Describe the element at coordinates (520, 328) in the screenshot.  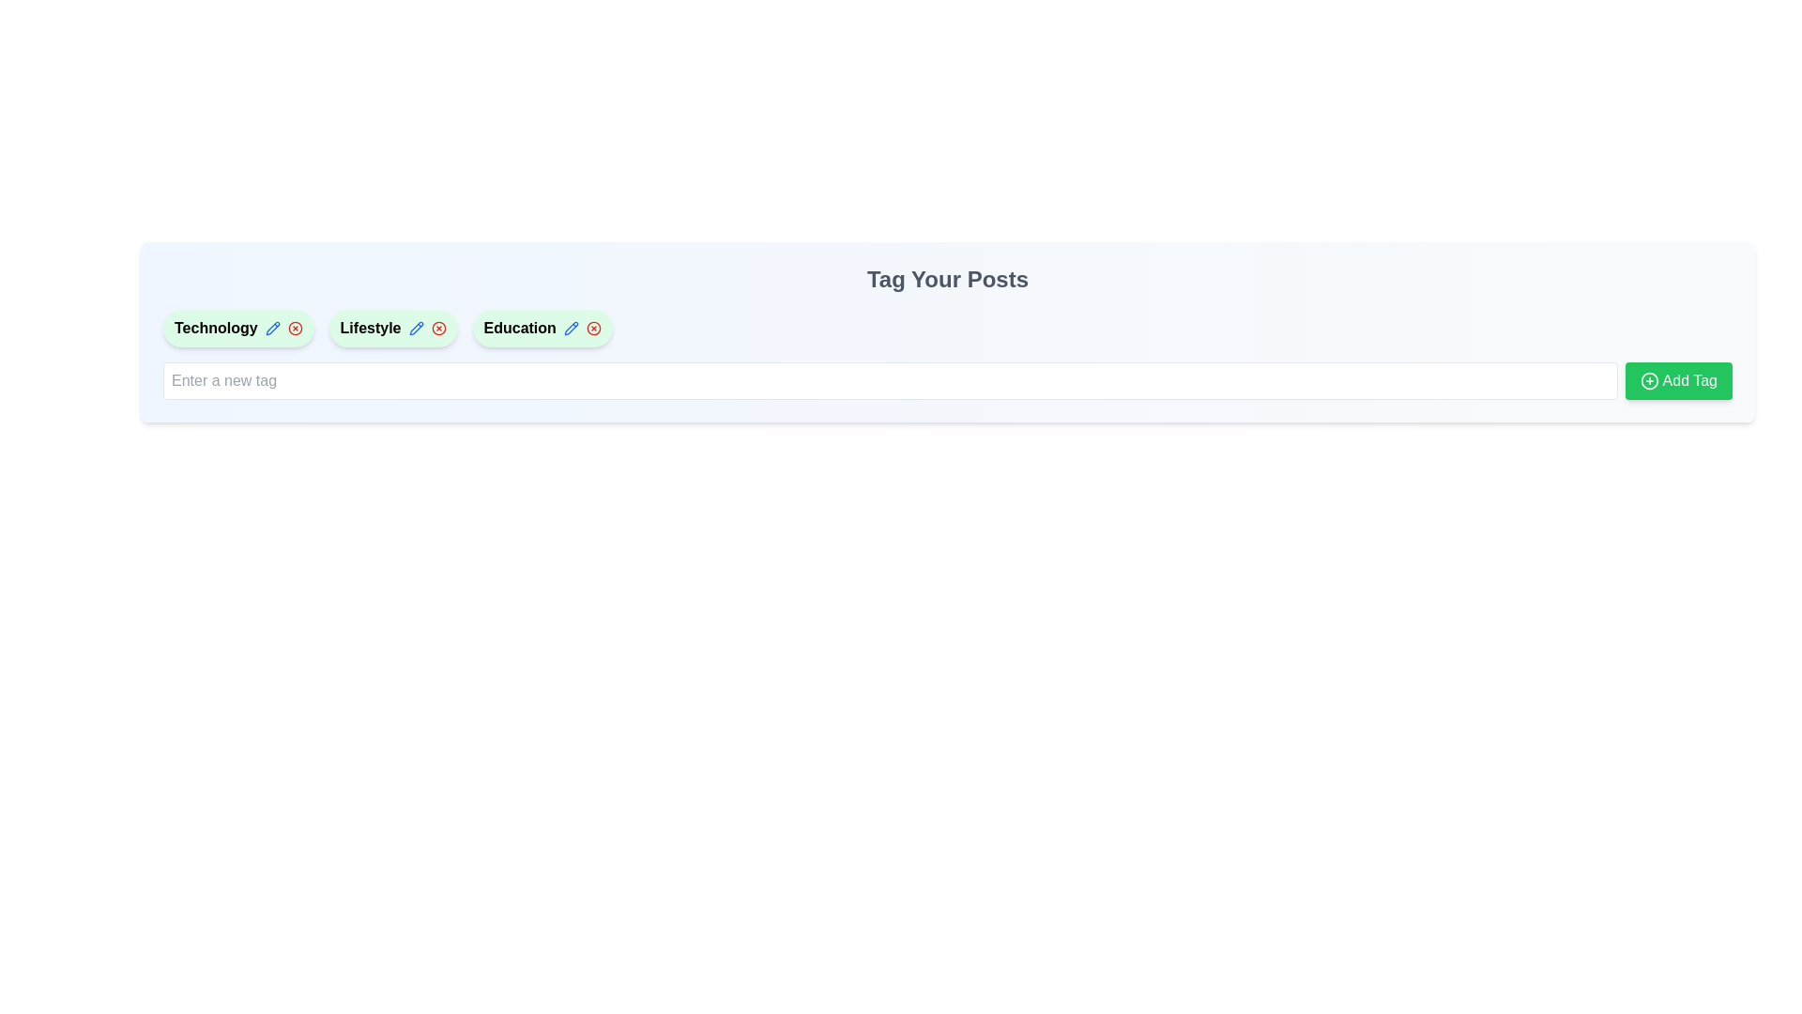
I see `the static text label displaying 'Education' in bold black font, which is positioned inside a green rounded rectangle` at that location.